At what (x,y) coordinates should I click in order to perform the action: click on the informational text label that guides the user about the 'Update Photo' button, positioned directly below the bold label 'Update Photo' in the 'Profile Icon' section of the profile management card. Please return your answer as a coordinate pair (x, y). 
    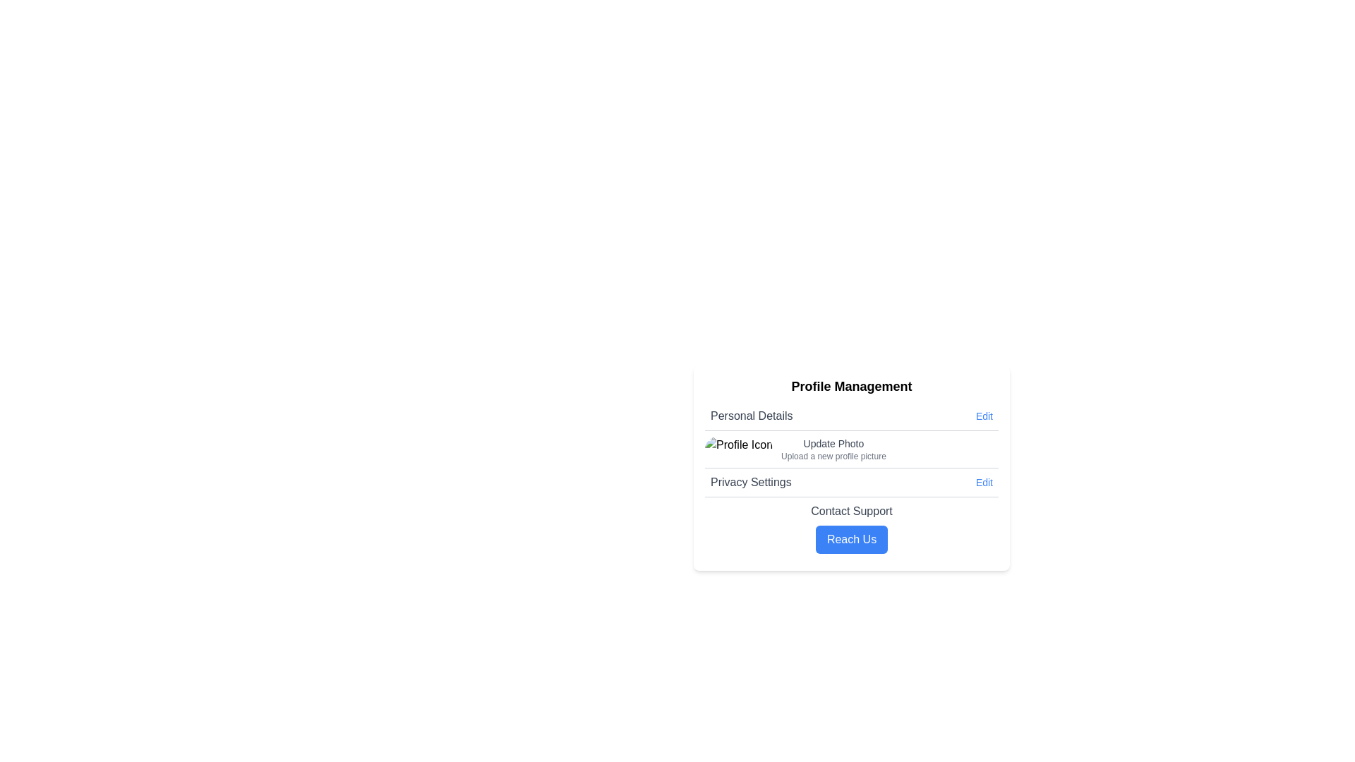
    Looking at the image, I should click on (833, 456).